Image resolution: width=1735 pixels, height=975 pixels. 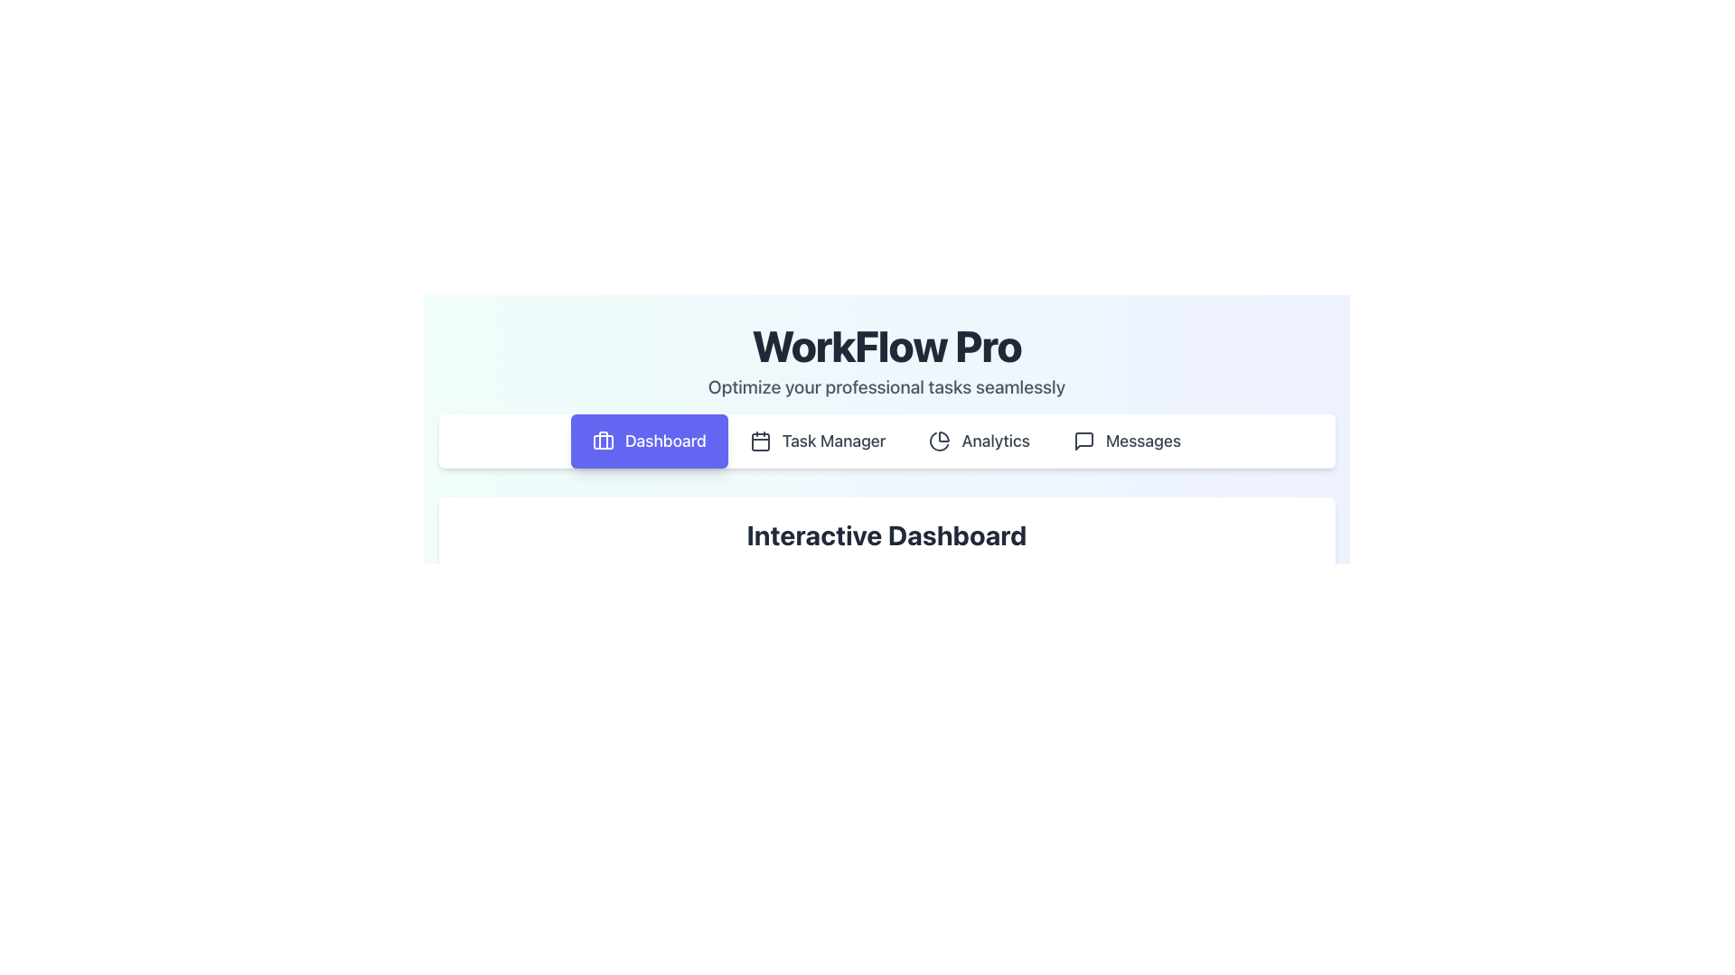 I want to click on the text label displaying 'Optimize your professional tasks seamlessly', located below the title 'WorkFlow Pro', so click(x=886, y=385).